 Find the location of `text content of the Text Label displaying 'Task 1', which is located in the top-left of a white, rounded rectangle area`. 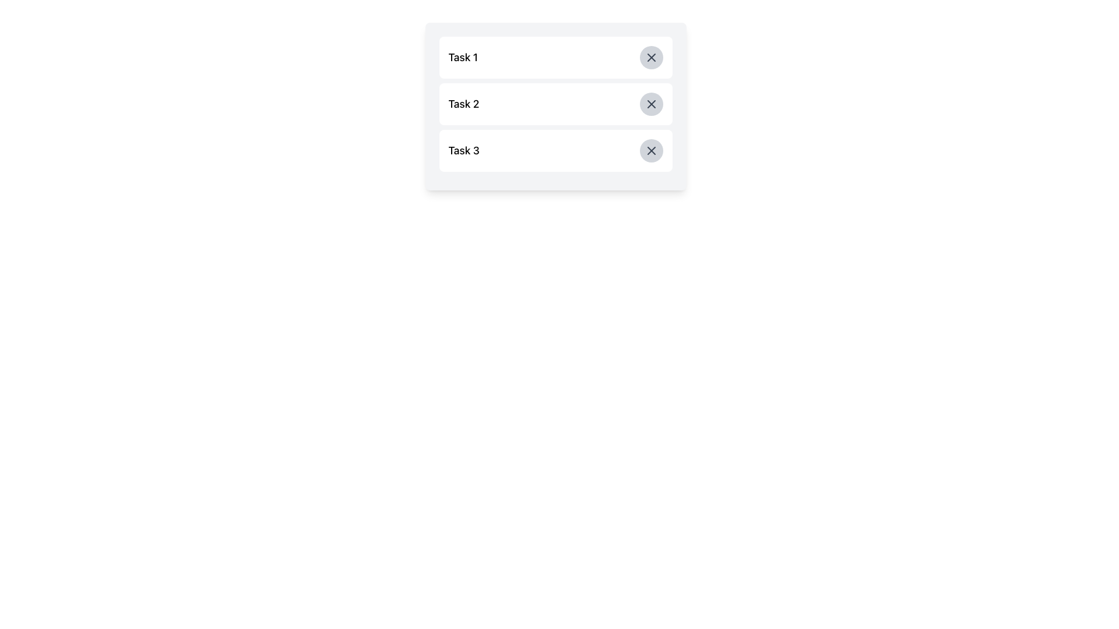

text content of the Text Label displaying 'Task 1', which is located in the top-left of a white, rounded rectangle area is located at coordinates (462, 58).